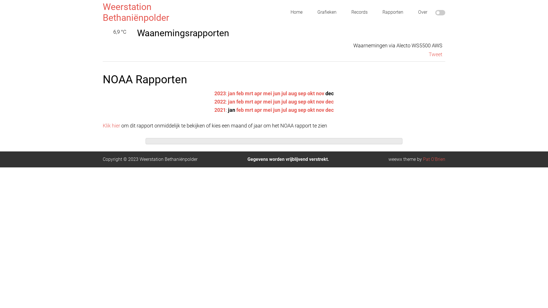 This screenshot has height=308, width=548. Describe the element at coordinates (434, 159) in the screenshot. I see `'Pat O'Brien'` at that location.